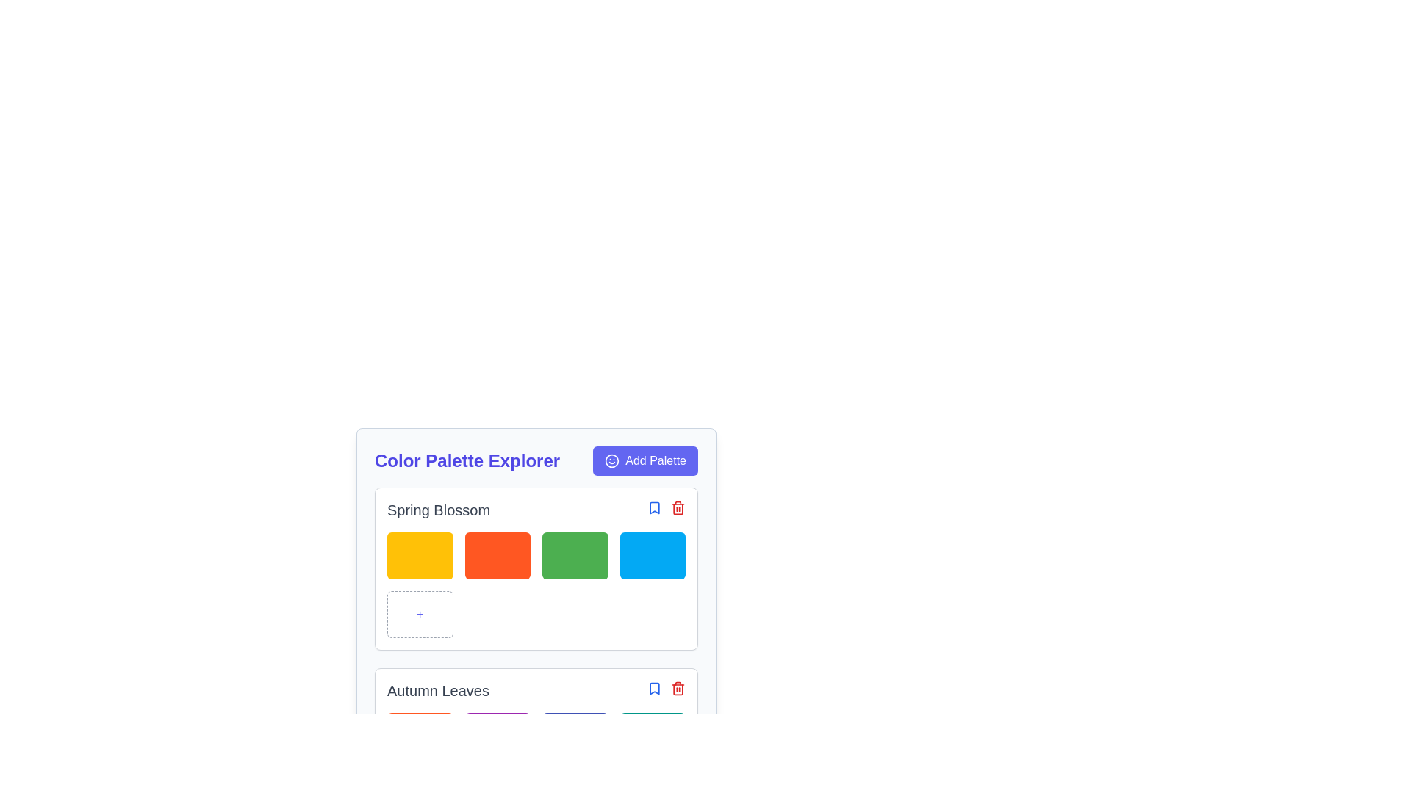 The width and height of the screenshot is (1411, 793). I want to click on the 'Add Palette' button, which features a blue background, rounded corners, and white text with a smiley face icon, so click(645, 460).